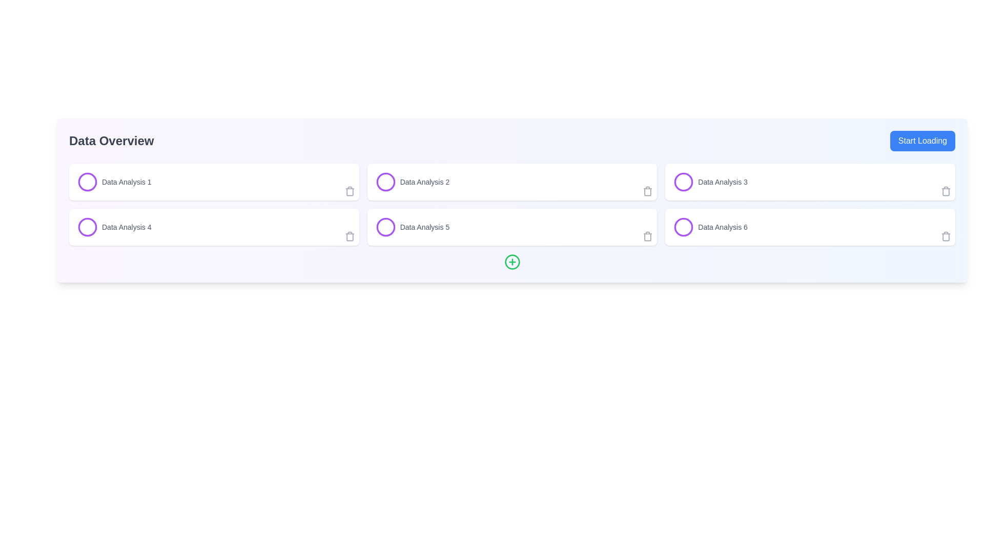 This screenshot has width=984, height=554. I want to click on the purple circle icon with a bold border located next to the label 'Data Analysis 5', so click(385, 227).